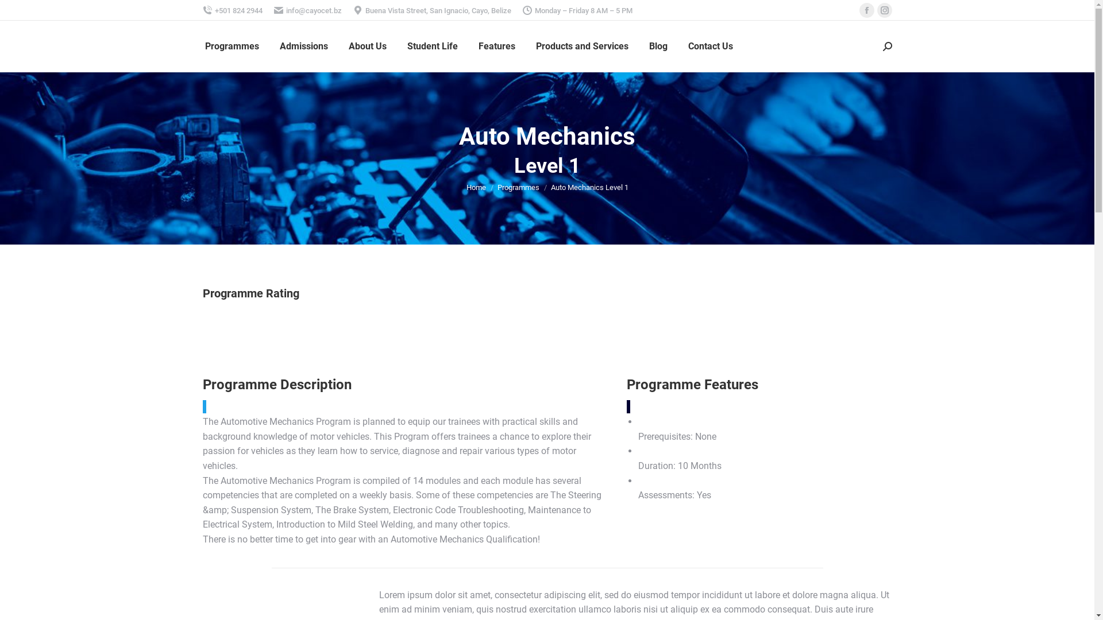 The height and width of the screenshot is (620, 1103). I want to click on 'Products and Services', so click(581, 46).